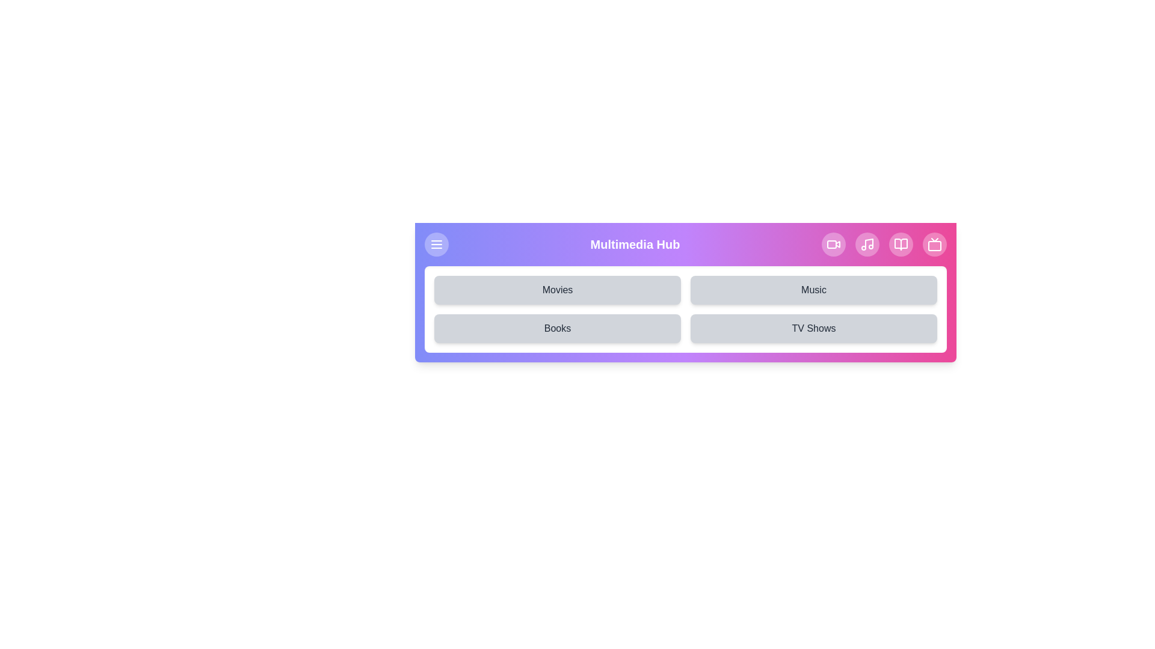 The height and width of the screenshot is (649, 1155). I want to click on the Music navigation icon to explore the corresponding multimedia category, so click(867, 244).